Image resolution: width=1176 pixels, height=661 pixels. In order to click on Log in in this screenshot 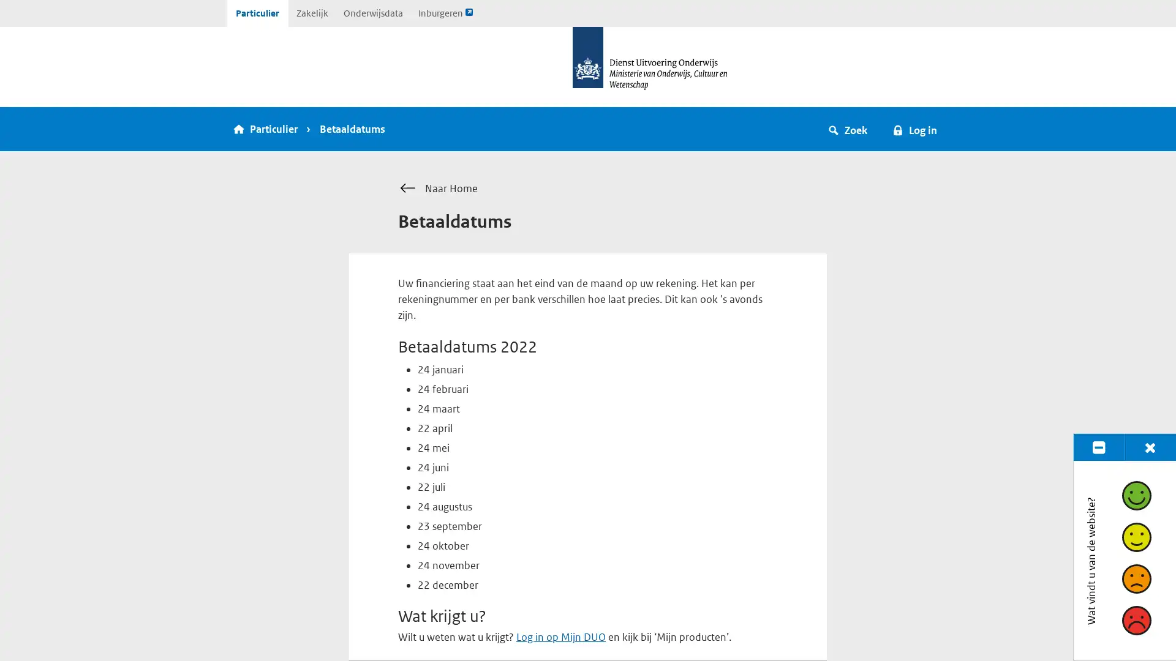, I will do `click(914, 129)`.